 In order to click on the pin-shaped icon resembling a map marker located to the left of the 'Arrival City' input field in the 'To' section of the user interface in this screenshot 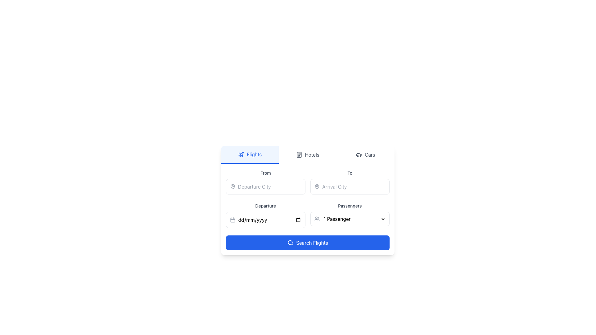, I will do `click(317, 186)`.